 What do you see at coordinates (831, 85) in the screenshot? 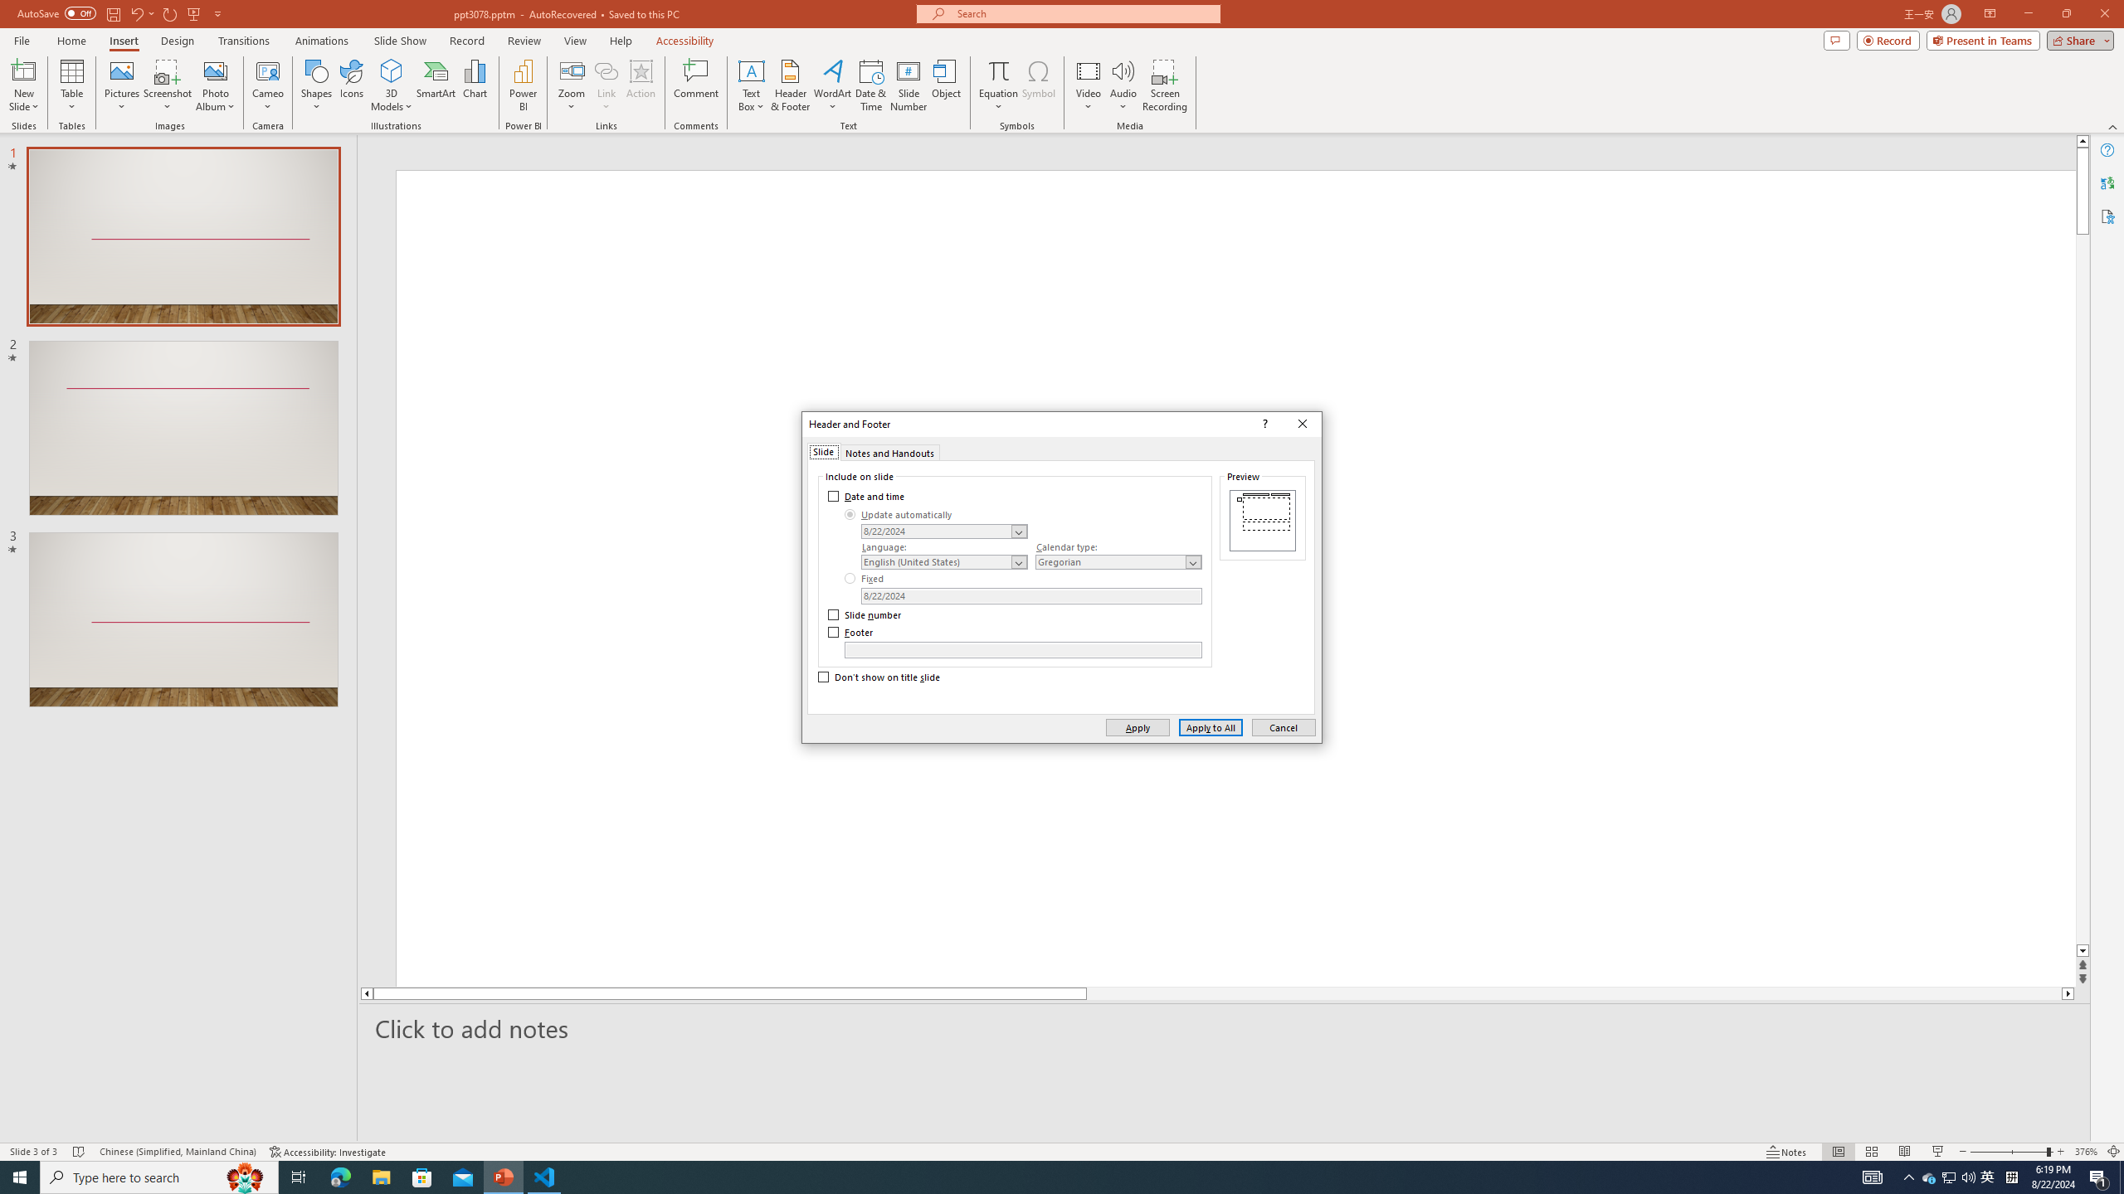
I see `'WordArt'` at bounding box center [831, 85].